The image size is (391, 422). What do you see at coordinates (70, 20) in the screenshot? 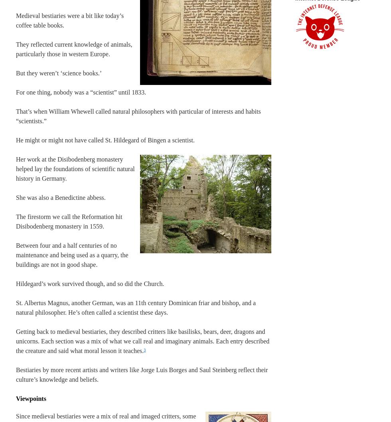
I see `'Medieval bestiaries were a bit like today’s coffee table books.'` at bounding box center [70, 20].